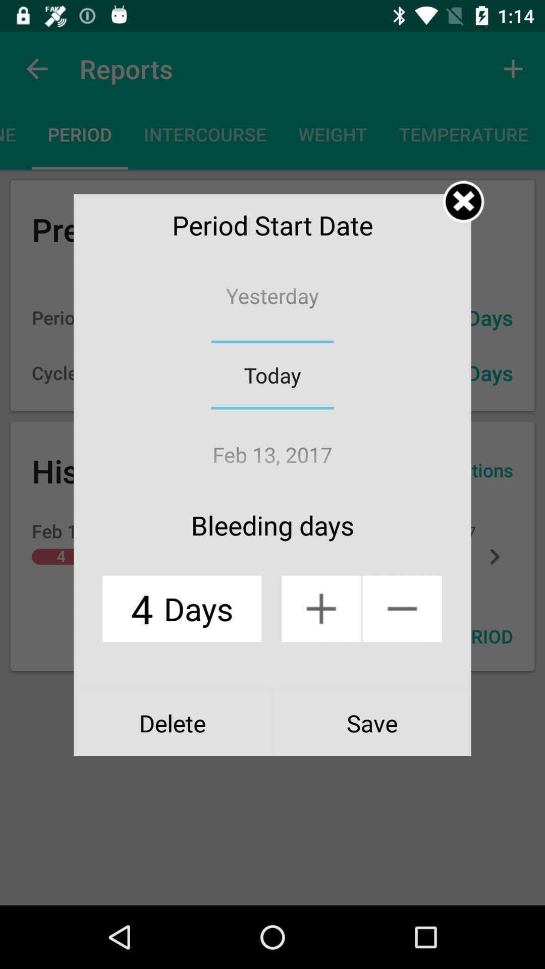  What do you see at coordinates (321, 608) in the screenshot?
I see `plus button` at bounding box center [321, 608].